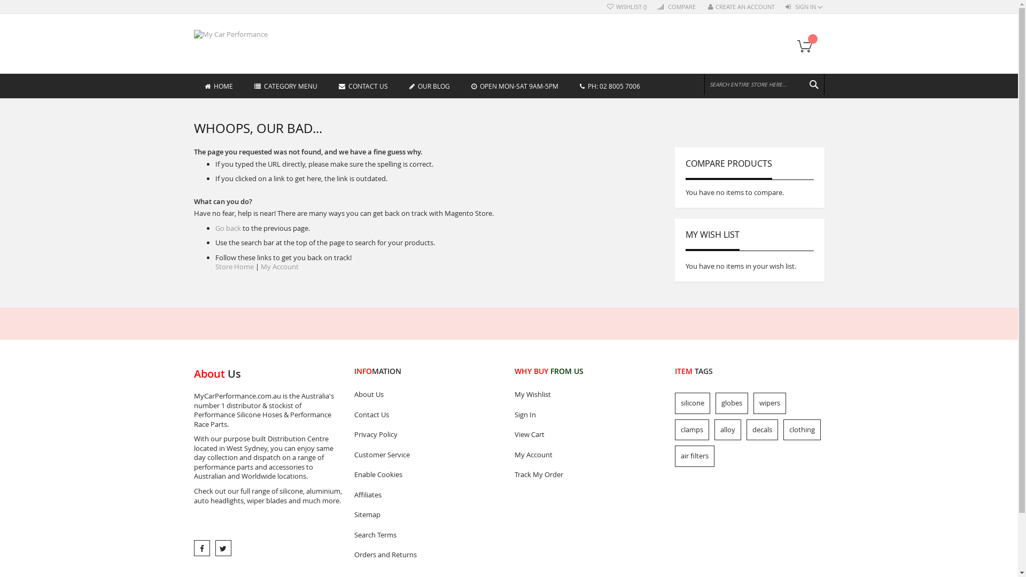 The image size is (1026, 577). Describe the element at coordinates (802, 428) in the screenshot. I see `'clothing'` at that location.